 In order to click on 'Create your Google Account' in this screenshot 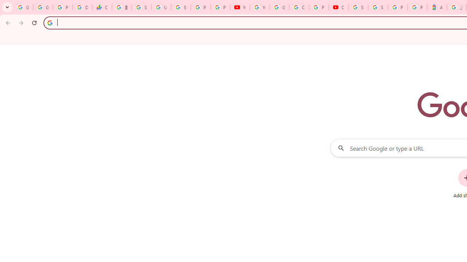, I will do `click(299, 7)`.